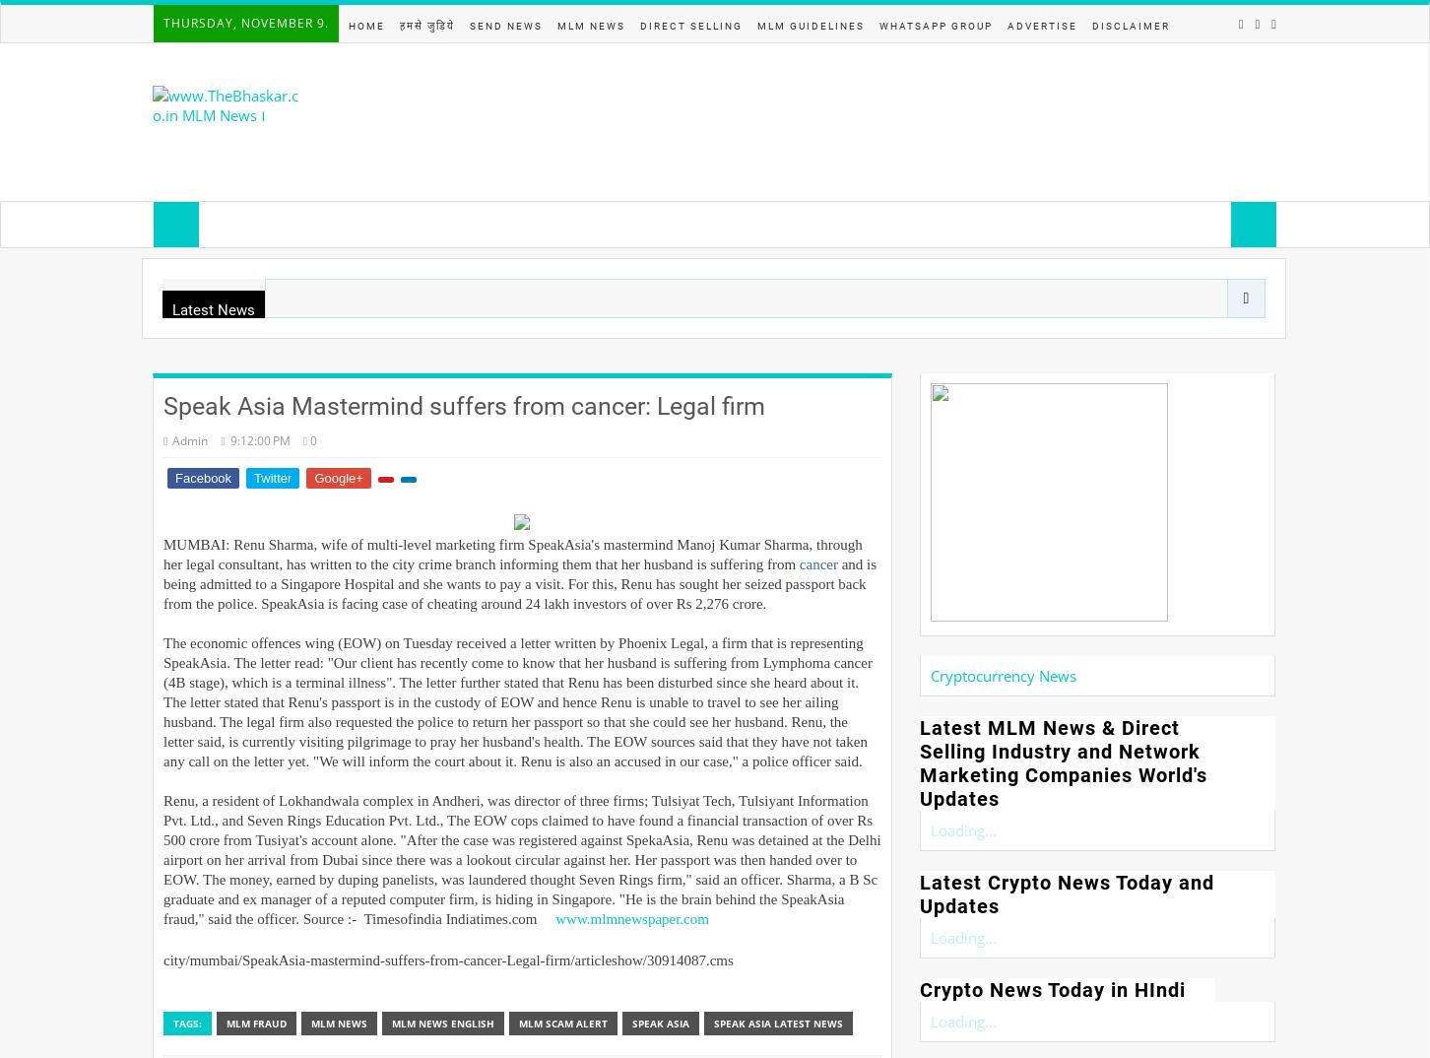 This screenshot has width=1430, height=1058. What do you see at coordinates (512, 553) in the screenshot?
I see `'MUMBAI: Renu Sharma, wife of multi-level marketing firm SpeakAsia's mastermind Manoj Kumar Sharma, through her legal consultant, has written to the city crime branch informing them that her husband is suffering from'` at bounding box center [512, 553].